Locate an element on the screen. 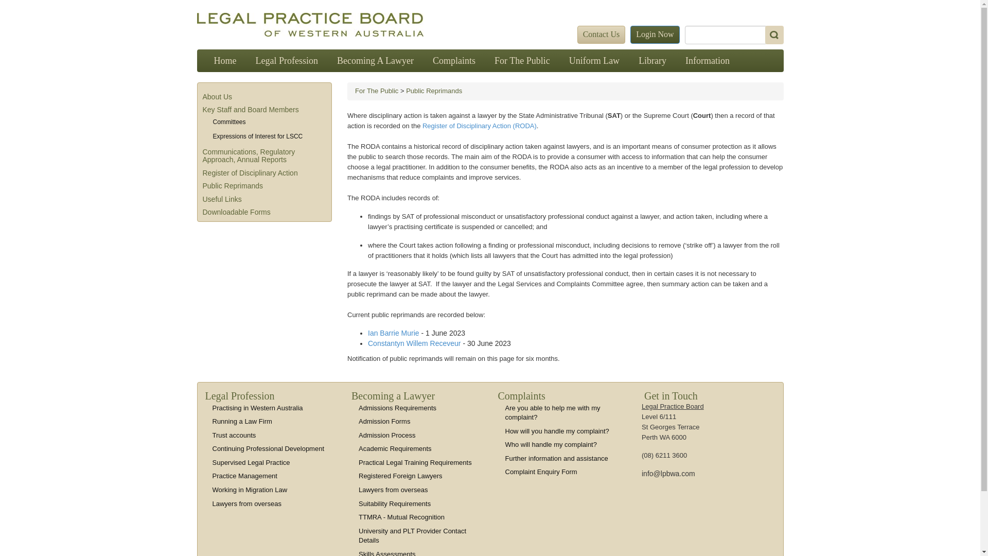 This screenshot has height=556, width=988. 'Home' is located at coordinates (224, 61).